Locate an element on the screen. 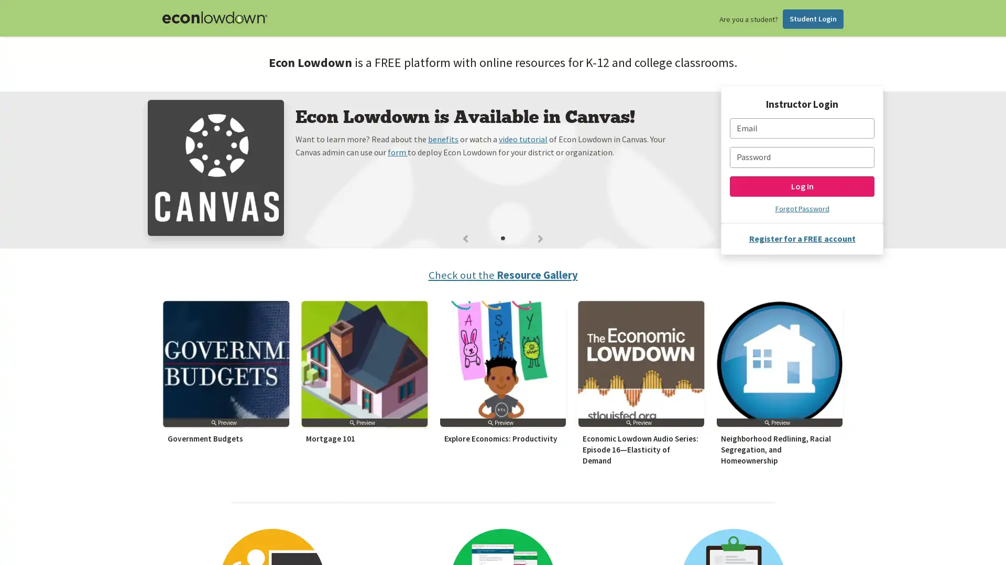  Log In is located at coordinates (802, 185).